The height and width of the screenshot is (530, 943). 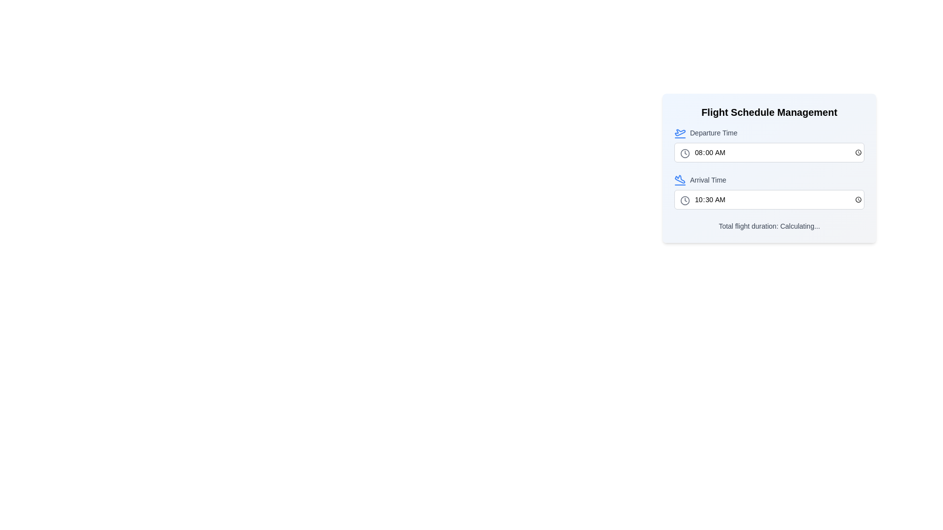 I want to click on the Time input field located in the 'Arrival Time' section of the form by tab navigation, so click(x=769, y=199).